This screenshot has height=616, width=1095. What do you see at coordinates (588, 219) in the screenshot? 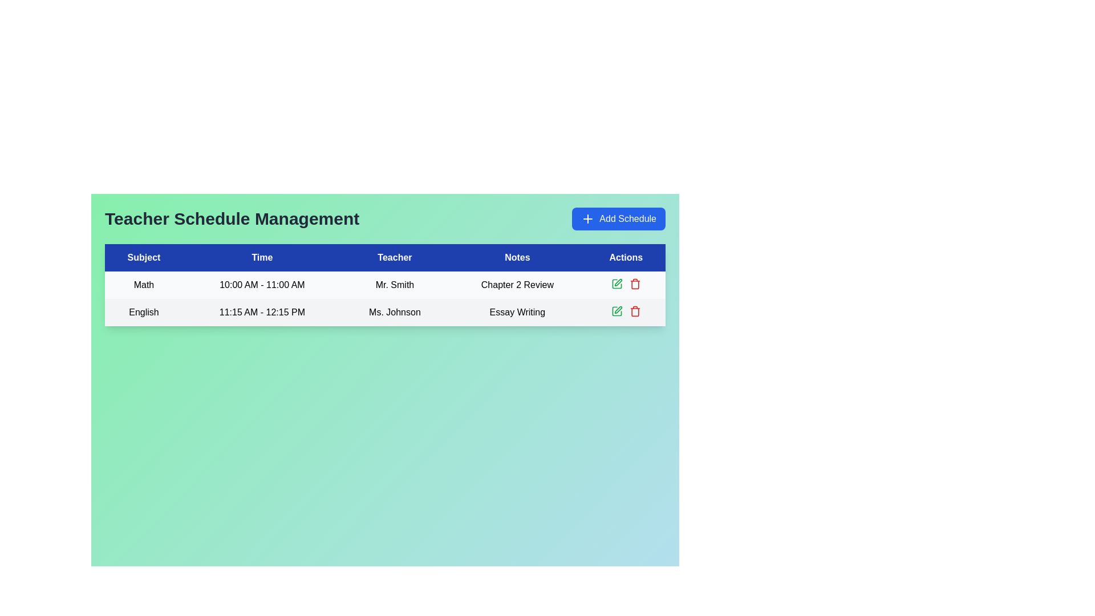
I see `the blue plus icon with white strokes located to the left of the 'Add Schedule' label to initiate adding a schedule` at bounding box center [588, 219].